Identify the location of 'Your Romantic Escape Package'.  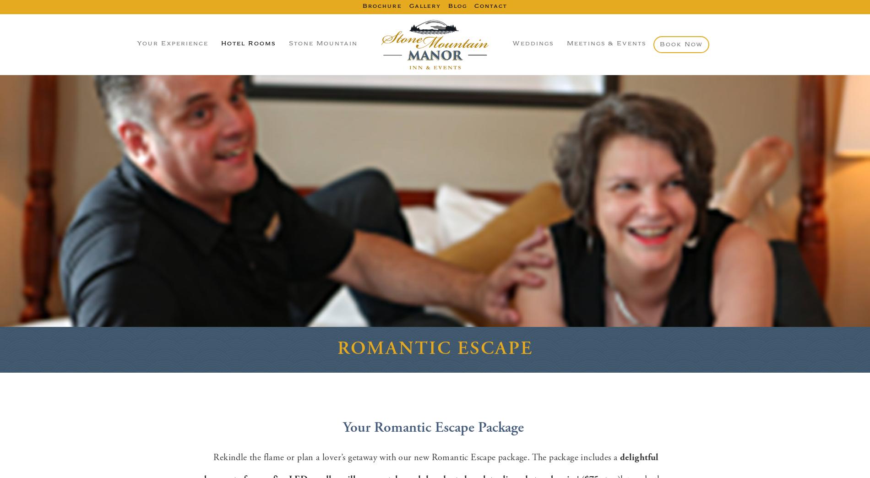
(434, 427).